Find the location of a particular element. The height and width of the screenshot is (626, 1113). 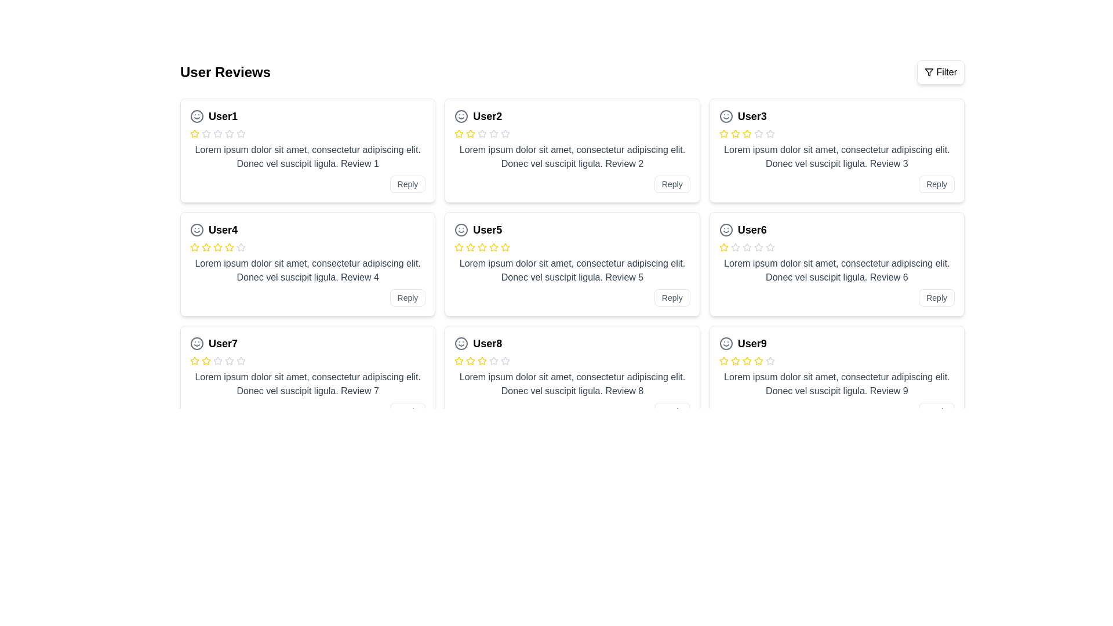

the smiley face icon located to the left of the username 'User2' in the card layout of the review grid is located at coordinates (461, 116).